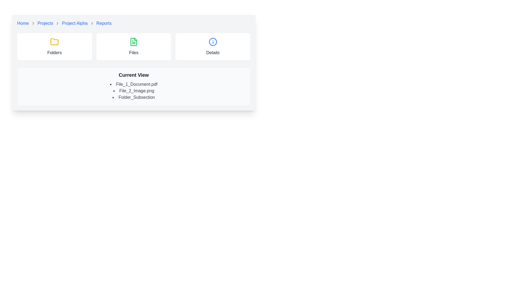  What do you see at coordinates (133, 91) in the screenshot?
I see `to select or interact with the list item displaying the name 'File_2_Image.png', which is the second item in a vertical list under 'File_1_Document.pdf' and above 'Folder_Subsection'` at bounding box center [133, 91].